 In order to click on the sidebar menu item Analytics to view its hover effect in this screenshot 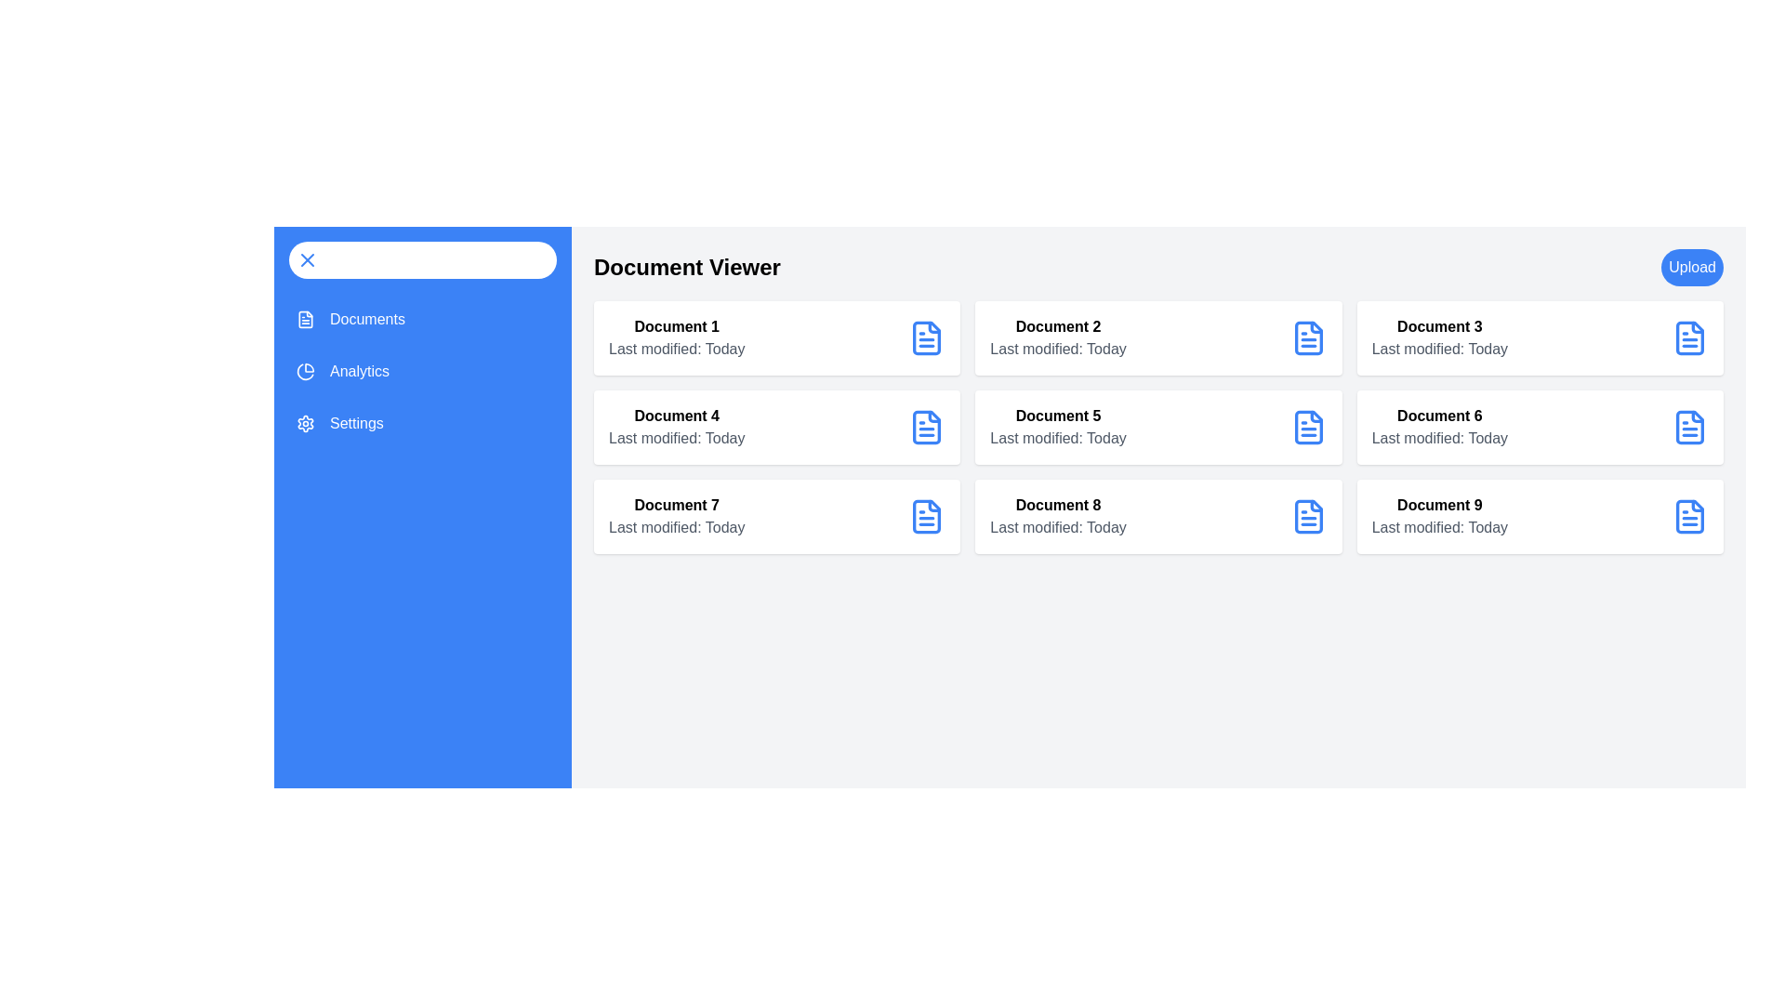, I will do `click(422, 372)`.